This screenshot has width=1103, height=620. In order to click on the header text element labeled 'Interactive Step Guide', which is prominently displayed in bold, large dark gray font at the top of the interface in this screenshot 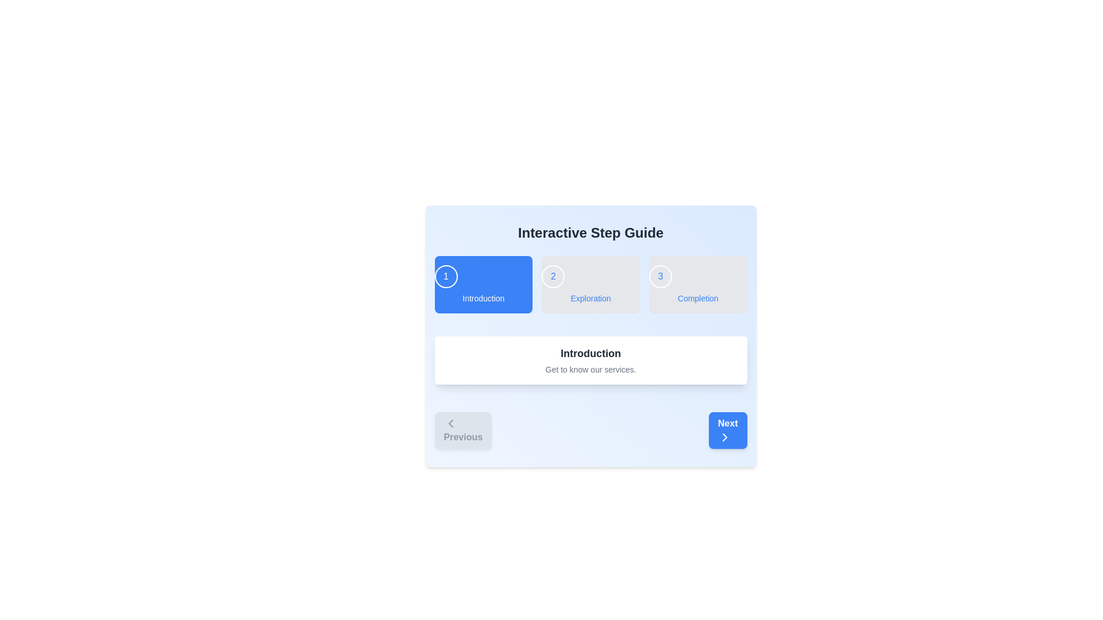, I will do `click(591, 232)`.